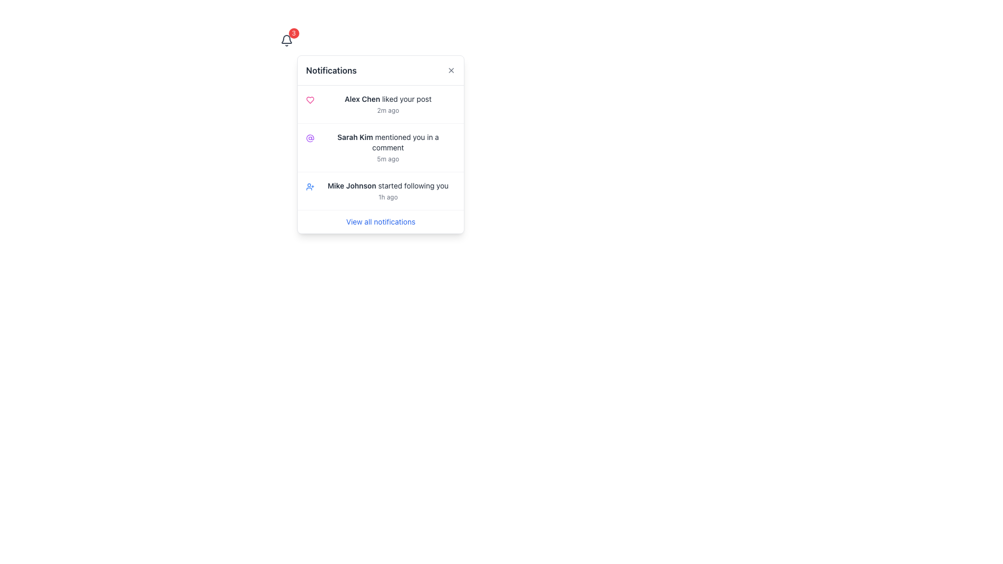  What do you see at coordinates (380, 148) in the screenshot?
I see `the second notification list item` at bounding box center [380, 148].